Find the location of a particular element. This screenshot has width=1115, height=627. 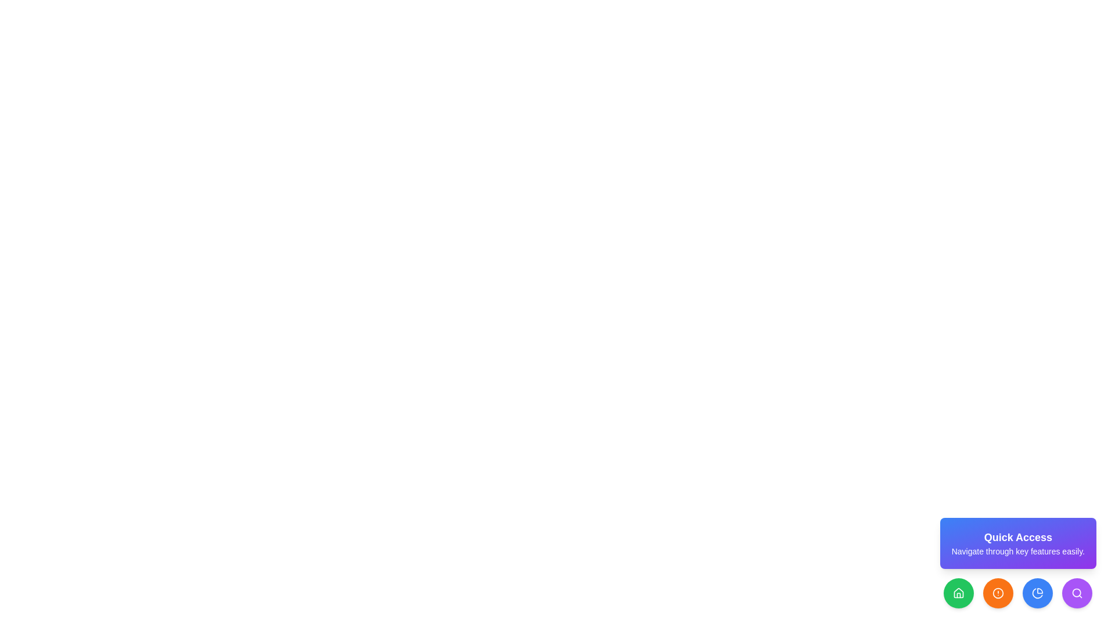

the fourth button is located at coordinates (1037, 593).